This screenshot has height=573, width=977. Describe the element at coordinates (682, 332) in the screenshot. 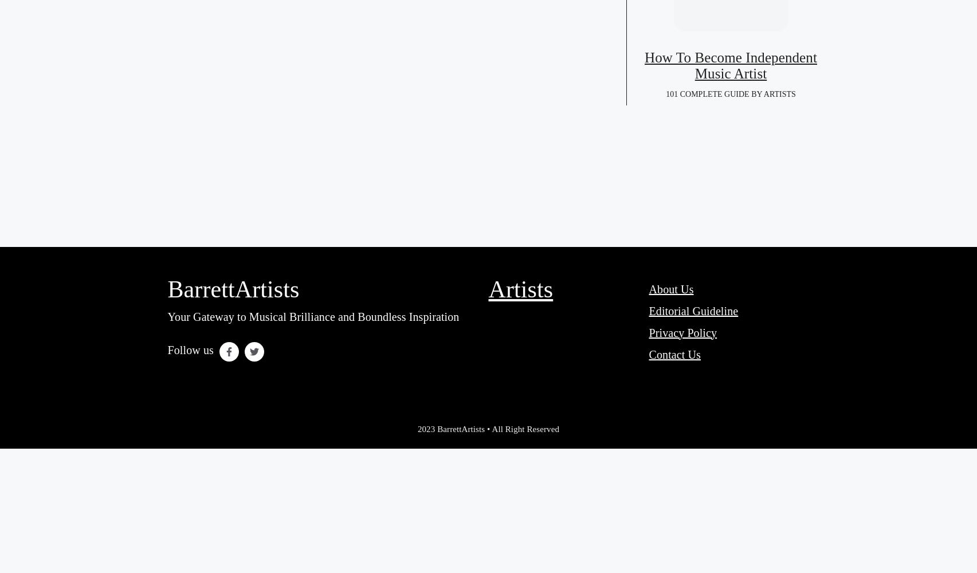

I see `'Privacy Policy'` at that location.